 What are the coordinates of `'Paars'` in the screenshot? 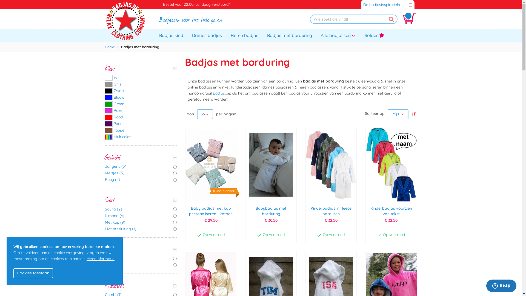 It's located at (105, 124).